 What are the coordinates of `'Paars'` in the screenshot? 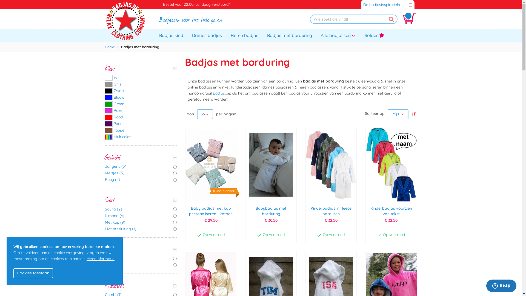 It's located at (105, 124).